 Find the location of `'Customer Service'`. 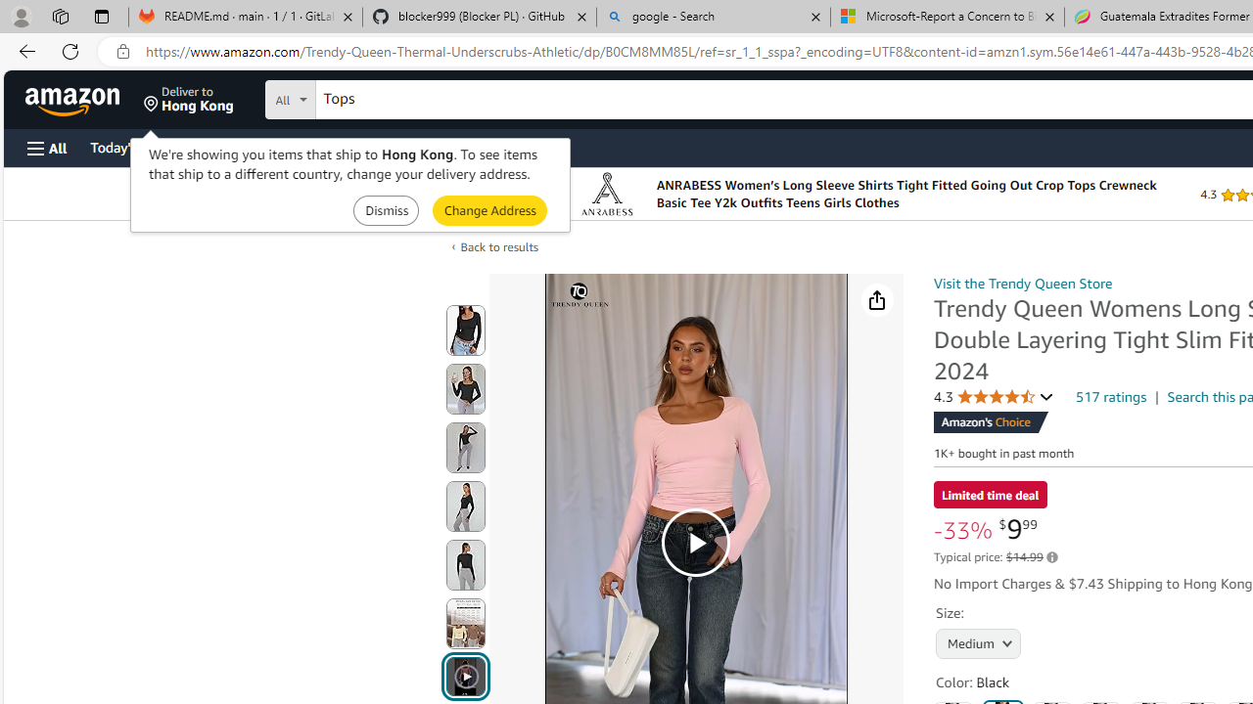

'Customer Service' is located at coordinates (250, 146).